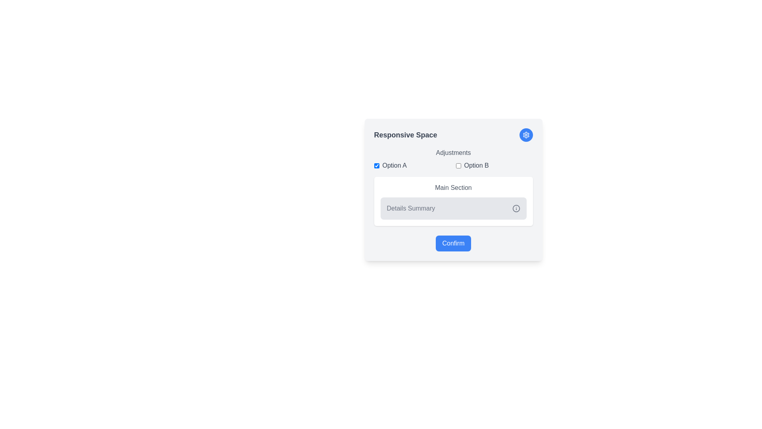  I want to click on the circular info icon with a gray outline located next to the 'Details Summary' text, so click(516, 208).